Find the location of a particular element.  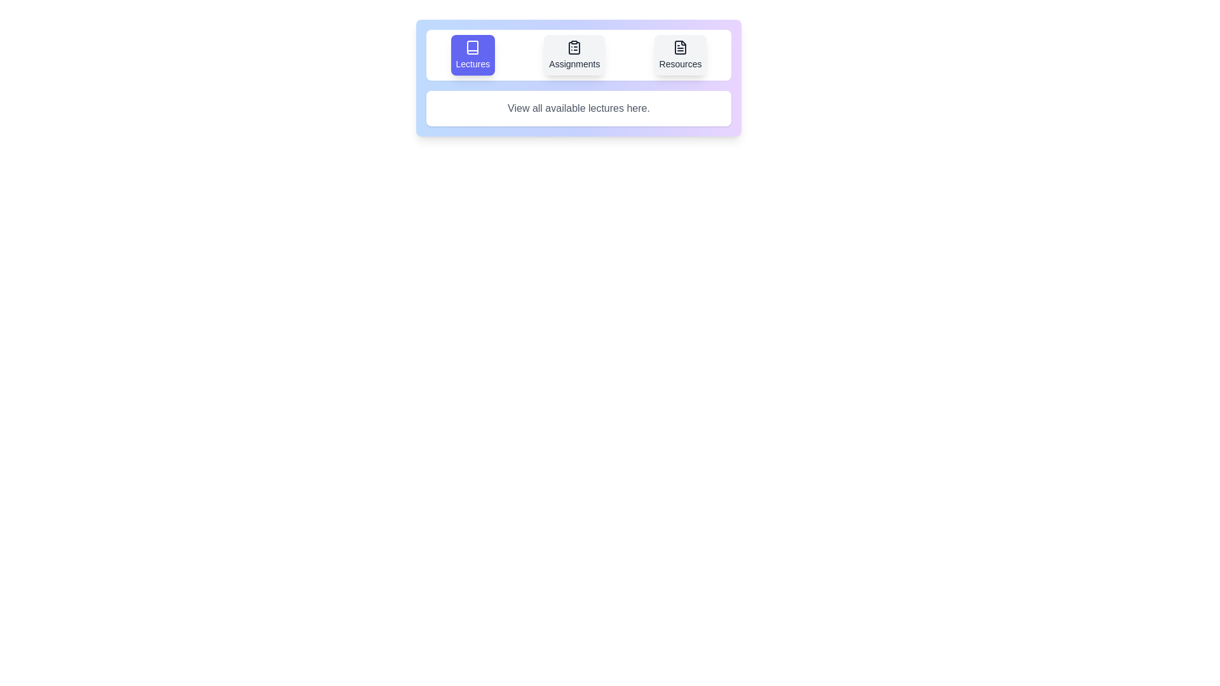

the icon of the Assignments tab is located at coordinates (574, 55).